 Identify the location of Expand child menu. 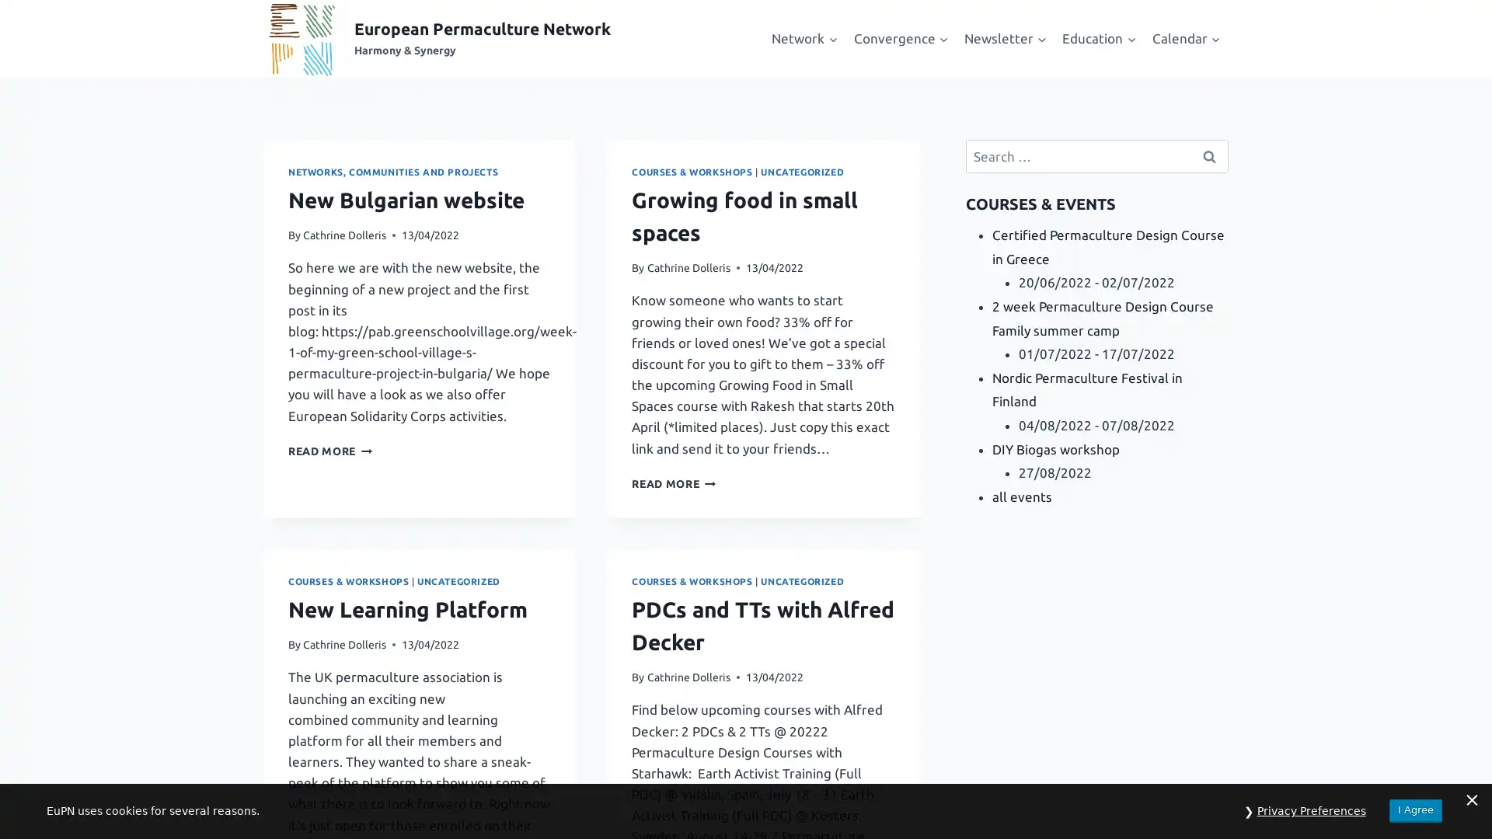
(1185, 37).